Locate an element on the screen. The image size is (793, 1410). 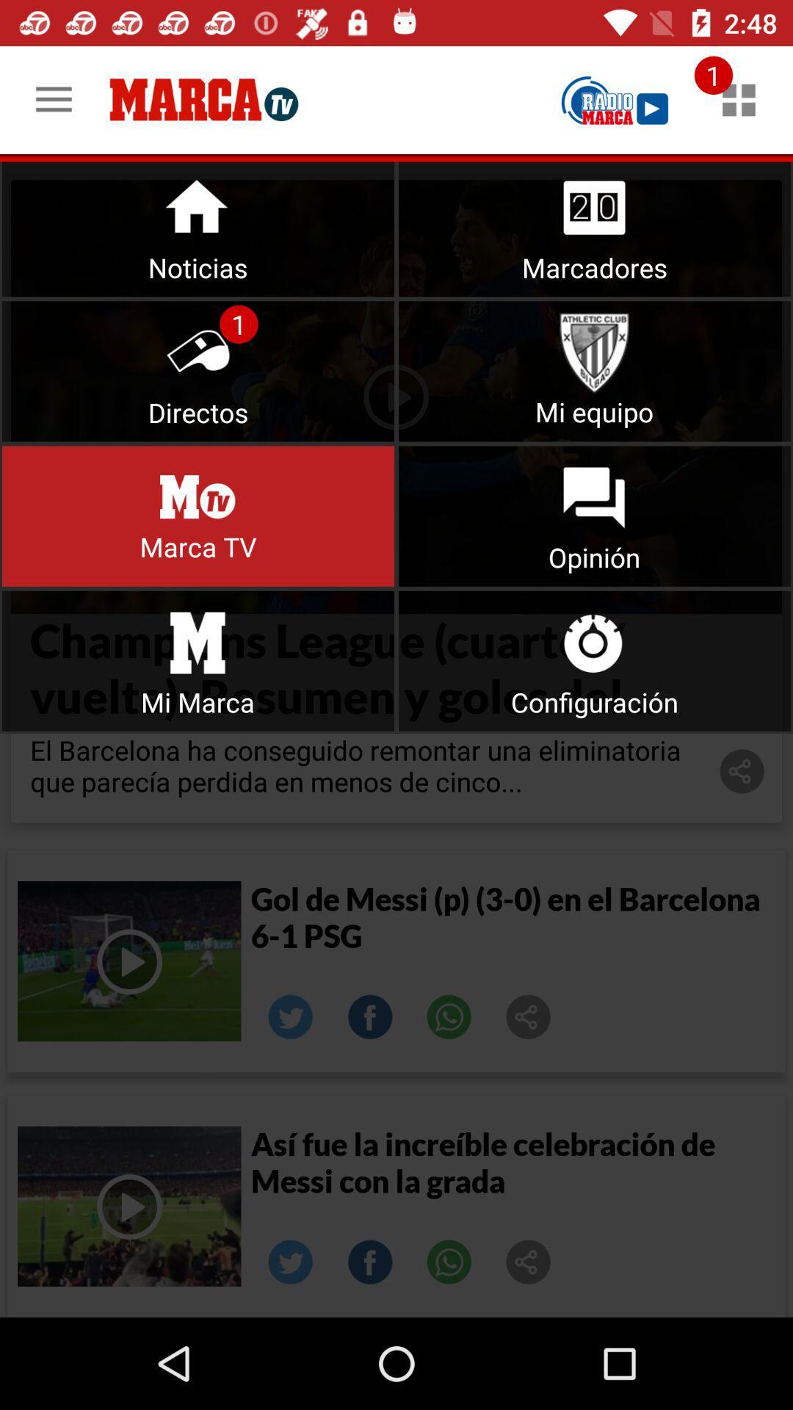
share video to facebook is located at coordinates (369, 1016).